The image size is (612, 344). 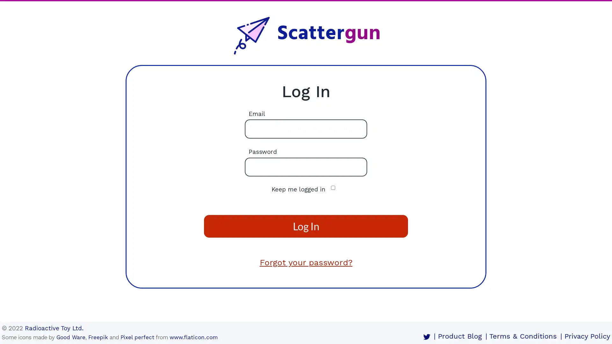 I want to click on Log In, so click(x=306, y=226).